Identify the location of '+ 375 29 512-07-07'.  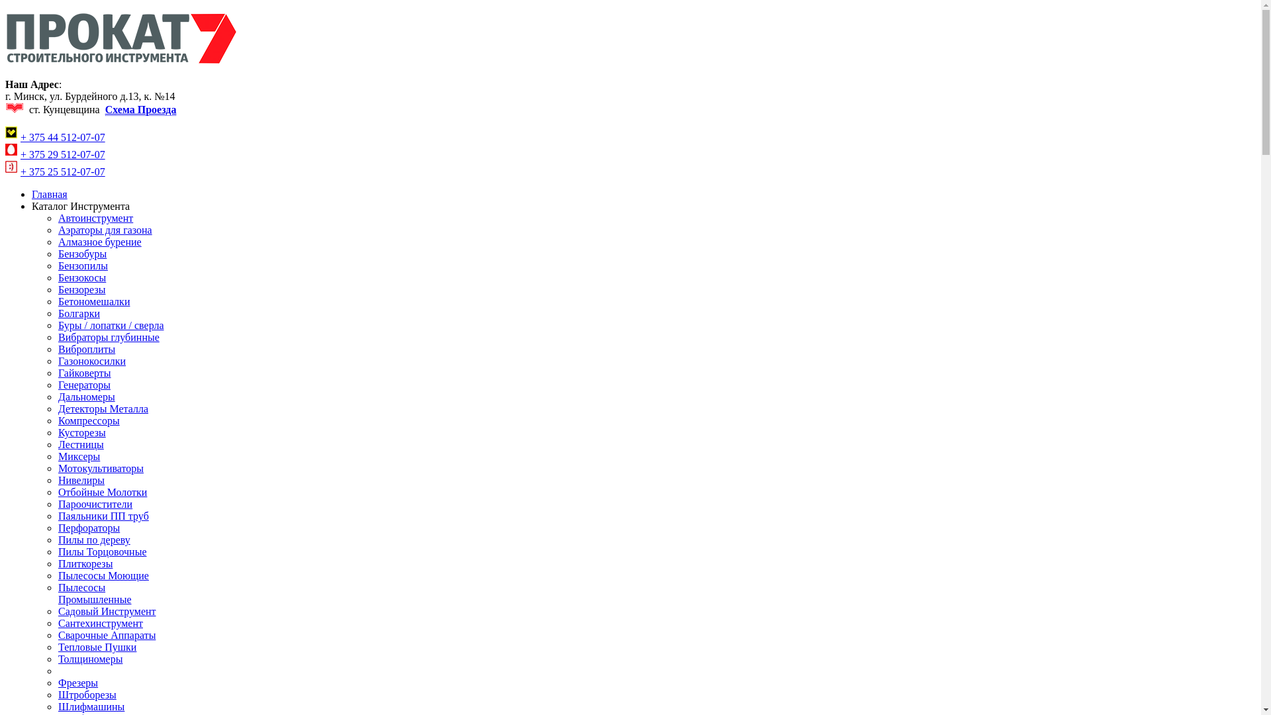
(62, 154).